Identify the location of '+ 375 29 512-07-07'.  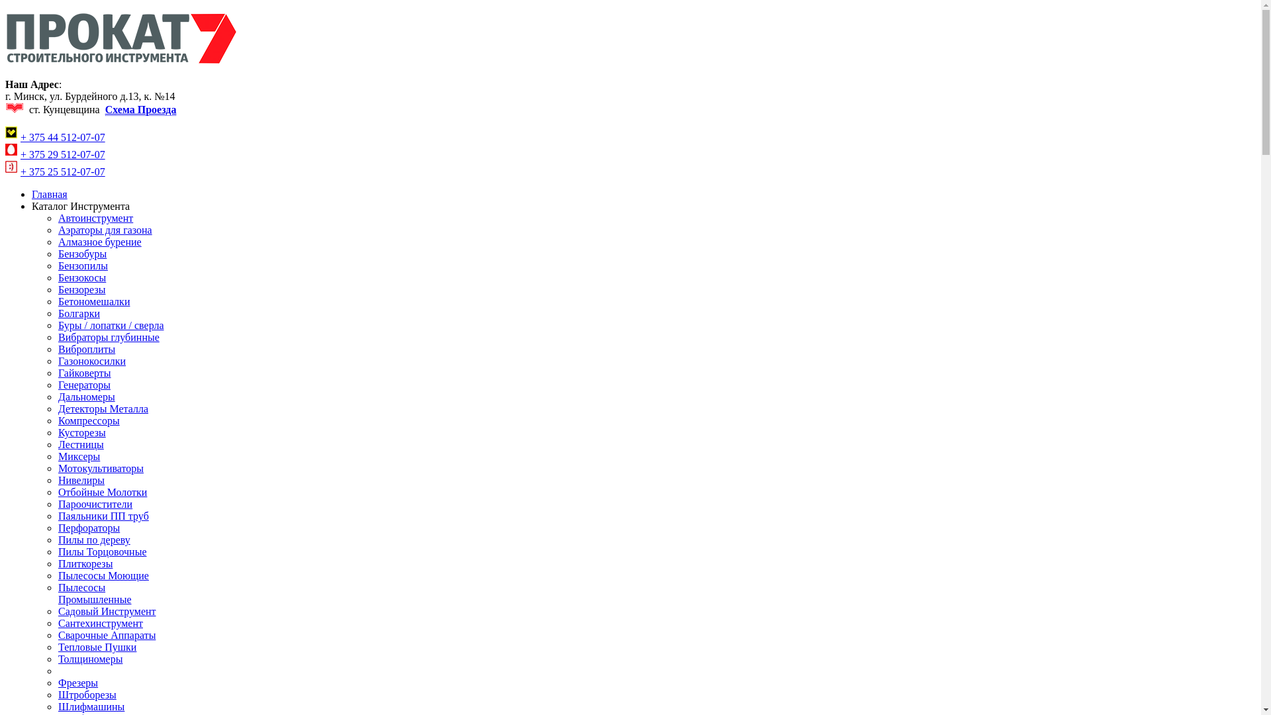
(62, 154).